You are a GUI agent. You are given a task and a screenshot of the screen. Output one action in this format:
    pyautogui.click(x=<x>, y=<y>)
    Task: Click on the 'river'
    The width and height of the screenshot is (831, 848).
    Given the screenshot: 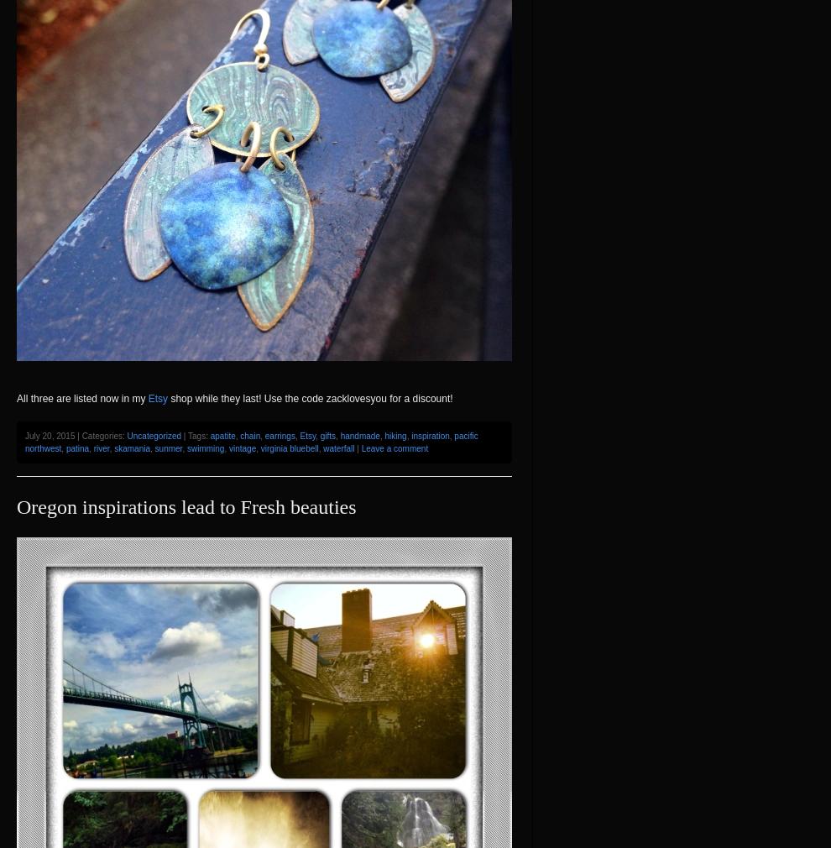 What is the action you would take?
    pyautogui.click(x=100, y=448)
    